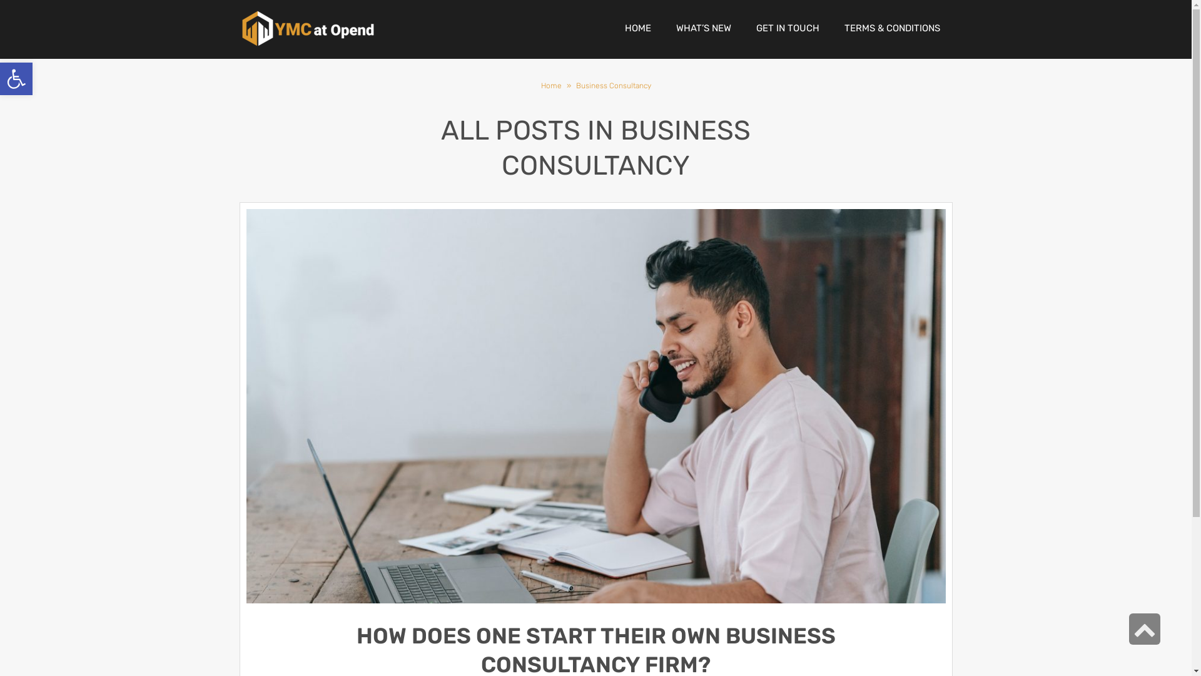 The height and width of the screenshot is (676, 1201). What do you see at coordinates (786, 28) in the screenshot?
I see `'GET IN TOUCH'` at bounding box center [786, 28].